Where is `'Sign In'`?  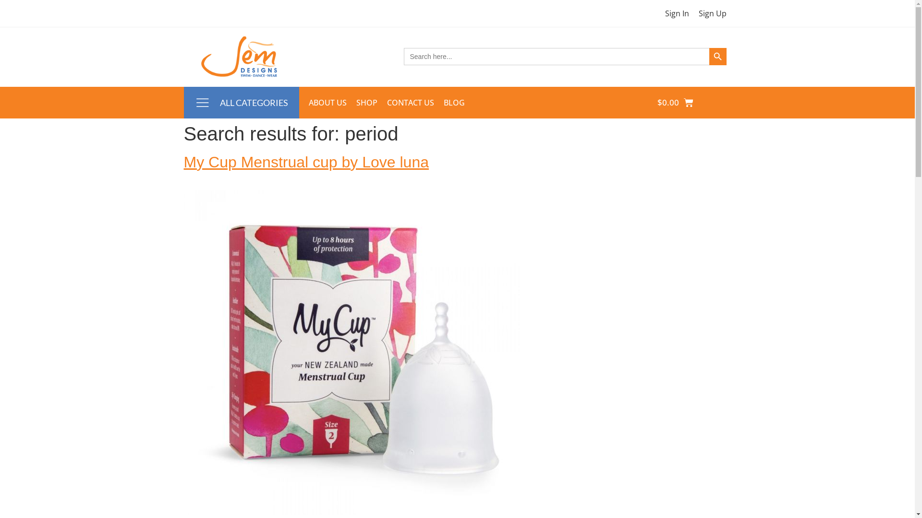
'Sign In' is located at coordinates (676, 13).